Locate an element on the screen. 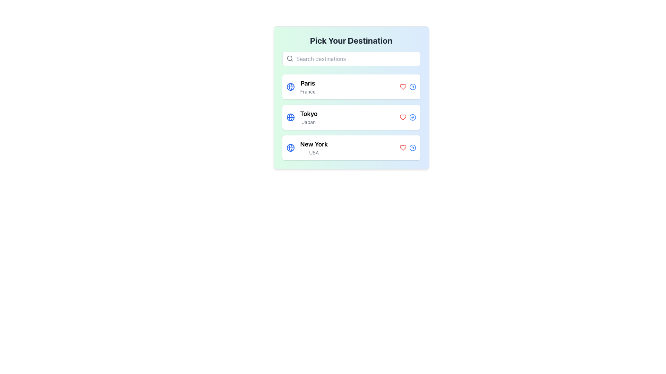 The width and height of the screenshot is (666, 374). the arrow icon located at the far right side of the 'Tokyo, Japan' destination card is located at coordinates (408, 117).